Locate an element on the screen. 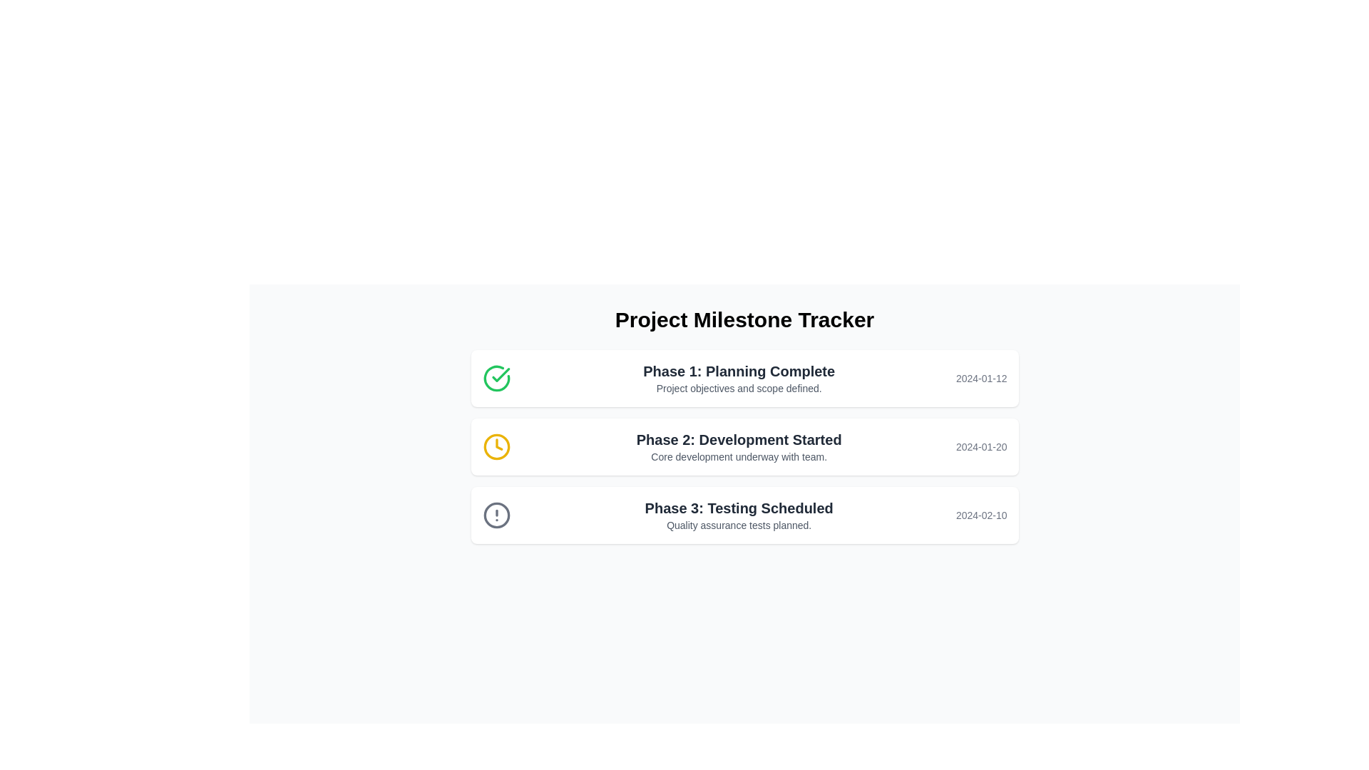 This screenshot has height=770, width=1369. the descriptive text element located in the lower part of the 'Phase 3: Testing Scheduled' section, which provides additional information about the scheduled quality assurance tests is located at coordinates (739, 525).